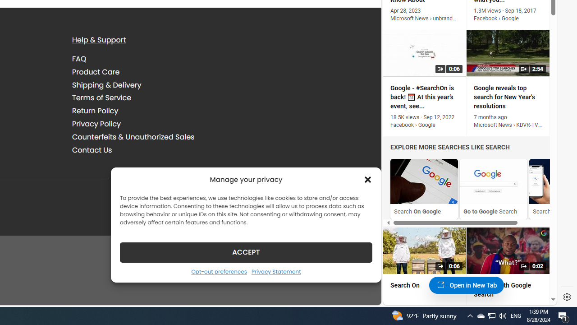 This screenshot has width=577, height=325. Describe the element at coordinates (424, 188) in the screenshot. I see `'Search On Google'` at that location.